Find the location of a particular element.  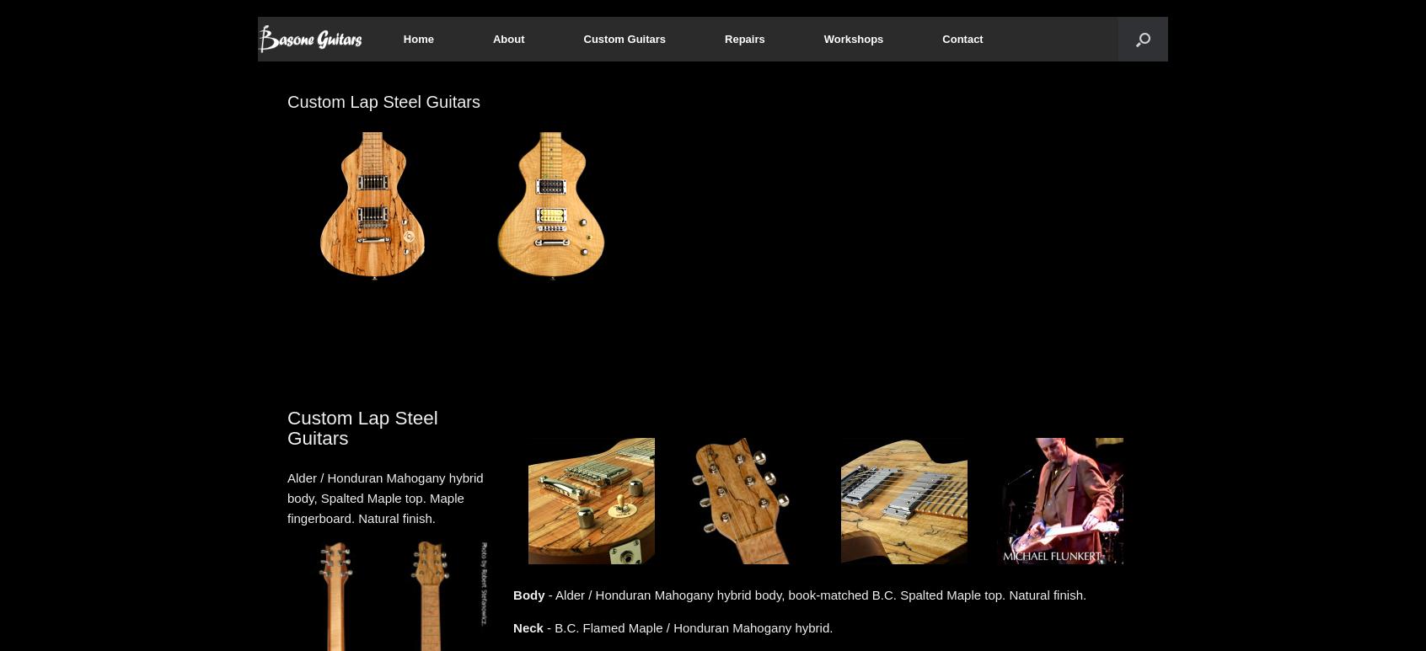

'Body' is located at coordinates (528, 595).